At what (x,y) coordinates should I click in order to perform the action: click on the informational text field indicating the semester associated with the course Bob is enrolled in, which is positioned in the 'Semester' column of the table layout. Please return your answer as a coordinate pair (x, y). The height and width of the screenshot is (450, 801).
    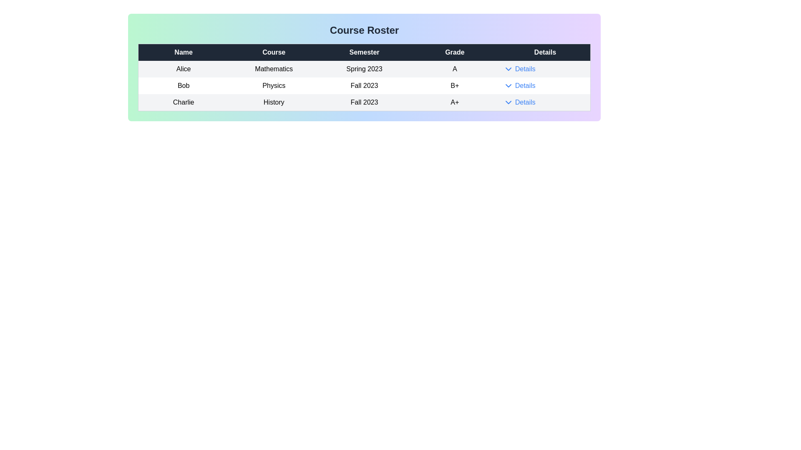
    Looking at the image, I should click on (364, 85).